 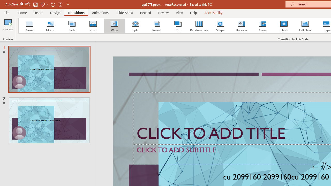 I want to click on 'Push', so click(x=93, y=26).